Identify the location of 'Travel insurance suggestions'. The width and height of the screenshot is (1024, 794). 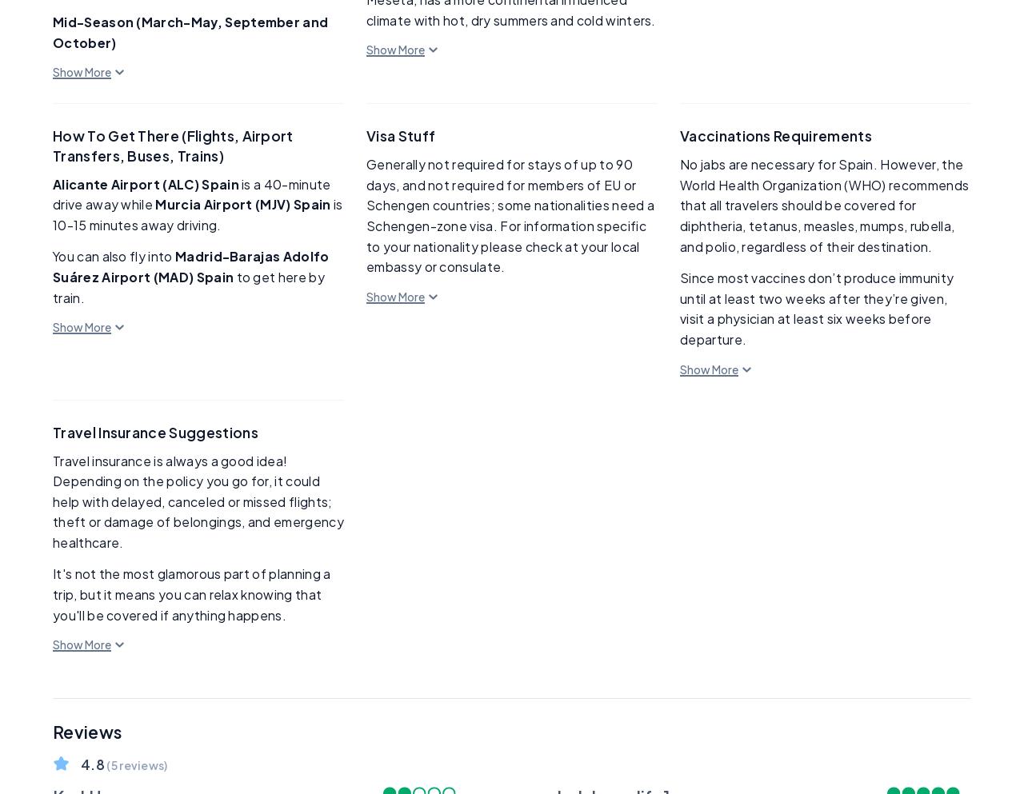
(155, 430).